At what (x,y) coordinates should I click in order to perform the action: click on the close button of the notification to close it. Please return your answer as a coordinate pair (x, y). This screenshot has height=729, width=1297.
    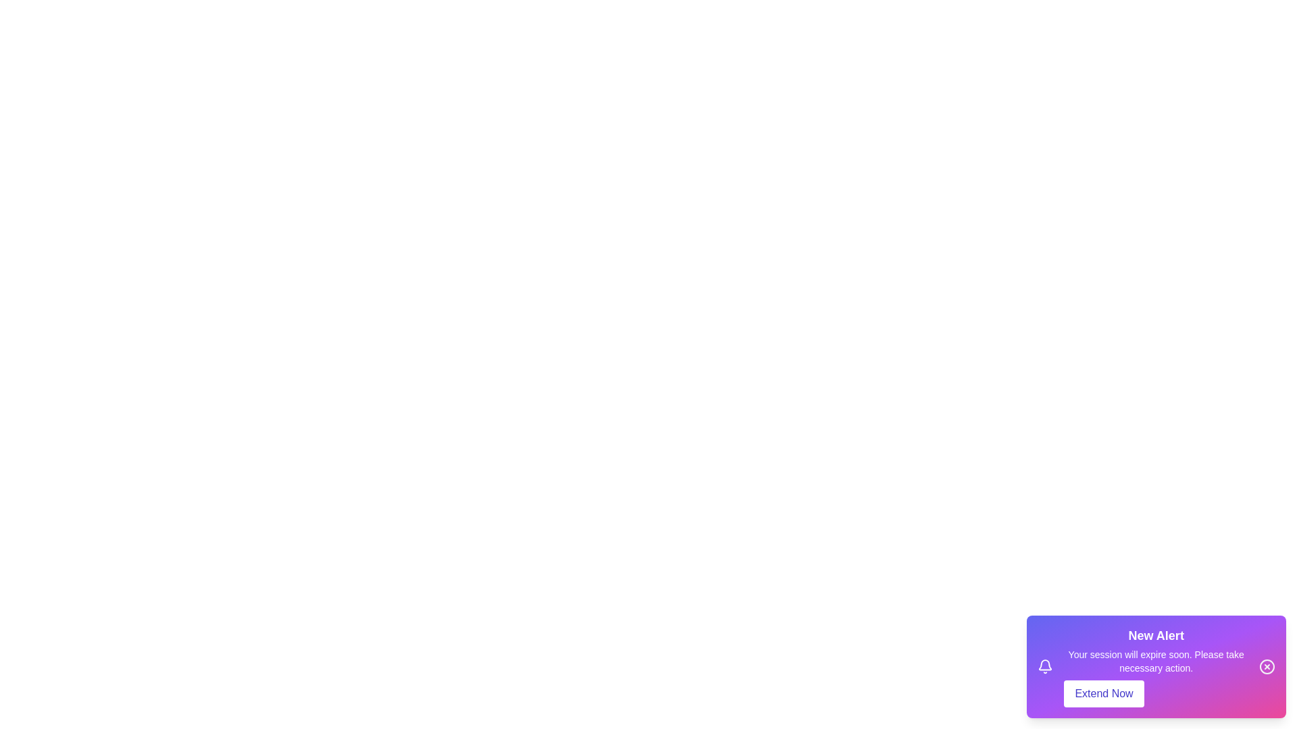
    Looking at the image, I should click on (1267, 666).